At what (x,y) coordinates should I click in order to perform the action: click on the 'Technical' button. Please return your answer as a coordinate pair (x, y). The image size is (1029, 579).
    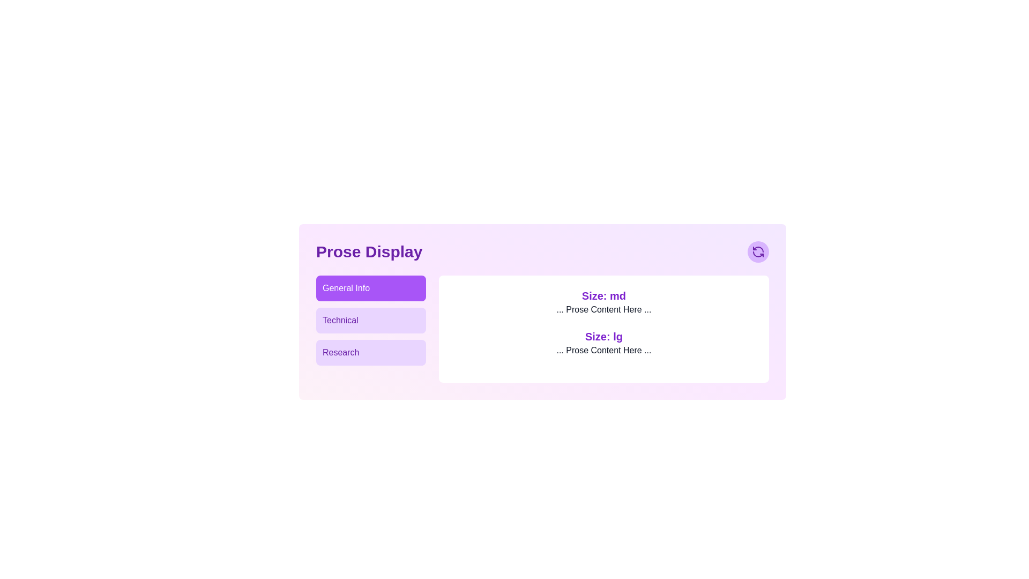
    Looking at the image, I should click on (371, 320).